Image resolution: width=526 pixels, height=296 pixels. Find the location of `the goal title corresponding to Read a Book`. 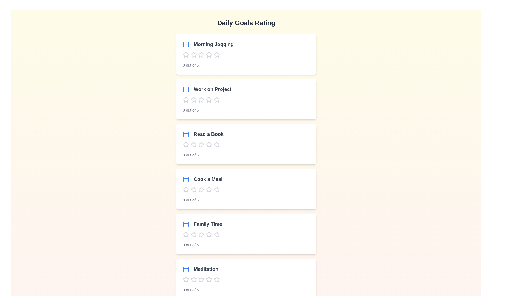

the goal title corresponding to Read a Book is located at coordinates (203, 134).